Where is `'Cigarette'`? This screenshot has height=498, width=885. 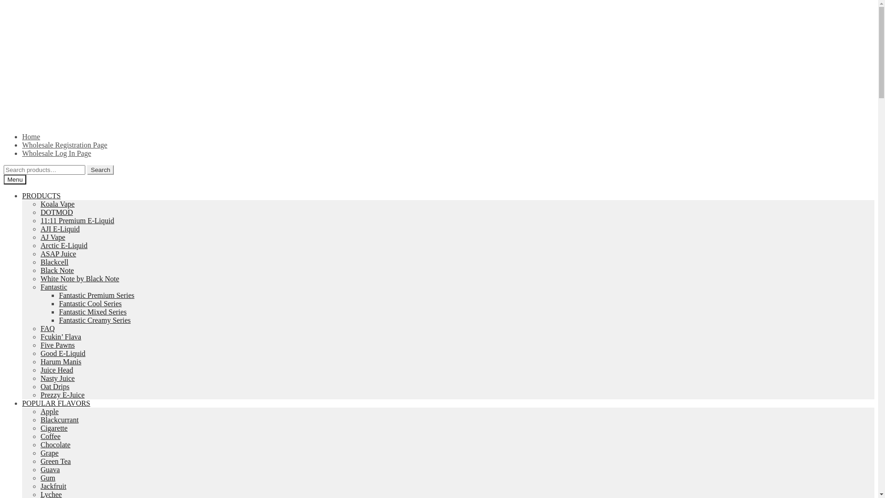
'Cigarette' is located at coordinates (53, 428).